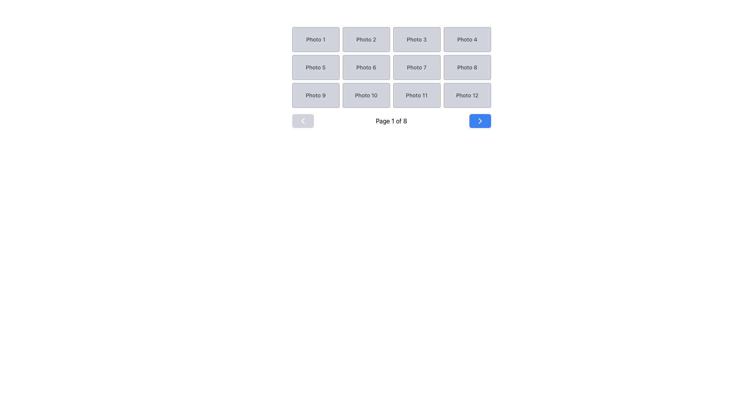 Image resolution: width=746 pixels, height=419 pixels. Describe the element at coordinates (391, 121) in the screenshot. I see `the text label displaying 'Page 1 of 8', located at the bottom of the grid layout of photo thumbnails` at that location.